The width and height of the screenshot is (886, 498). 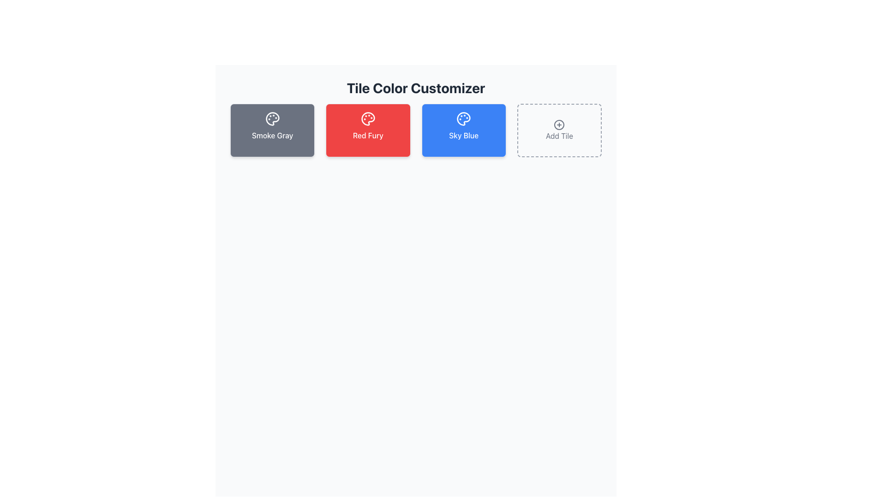 I want to click on the appearance of the circular icon resembling a painter's palette with a red background, located in the upper part of the 'Red Fury' tile, so click(x=367, y=119).